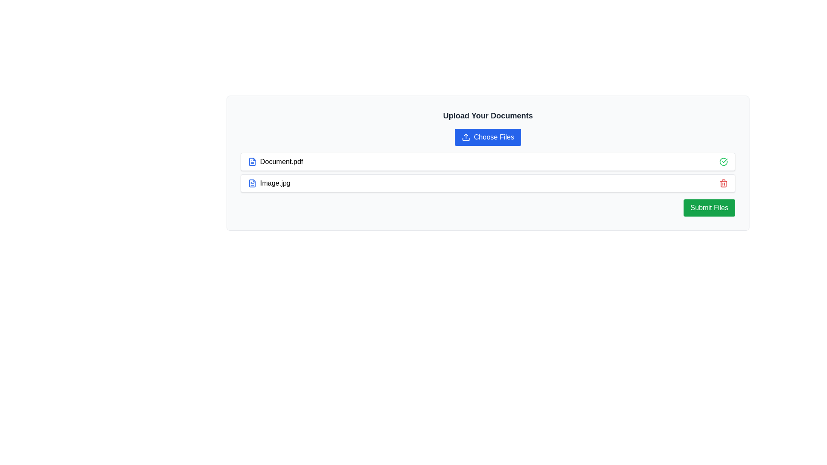 The image size is (827, 465). Describe the element at coordinates (466, 137) in the screenshot. I see `the design of the upload icon, which is an outlined arrow pointing upward inside a rectangle, located on the blue 'Choose Files' button` at that location.